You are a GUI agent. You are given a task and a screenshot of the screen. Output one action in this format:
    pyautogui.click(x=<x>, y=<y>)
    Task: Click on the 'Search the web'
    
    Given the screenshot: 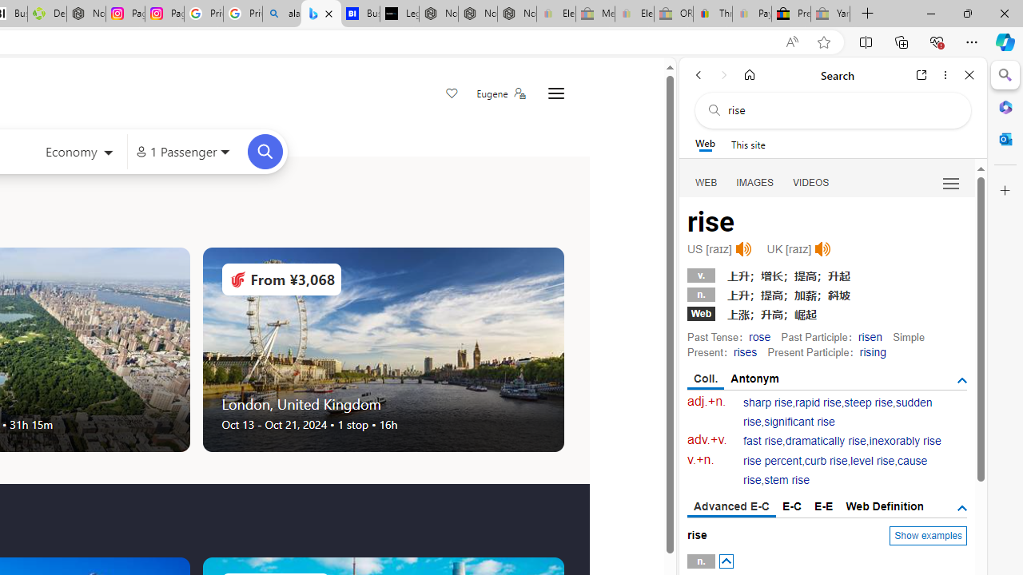 What is the action you would take?
    pyautogui.click(x=840, y=109)
    